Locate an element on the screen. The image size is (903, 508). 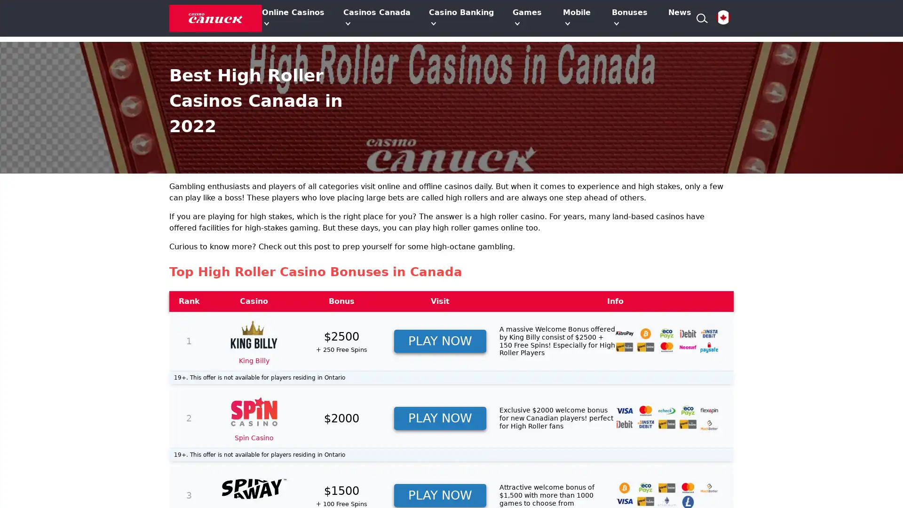
en_CA is located at coordinates (722, 18).